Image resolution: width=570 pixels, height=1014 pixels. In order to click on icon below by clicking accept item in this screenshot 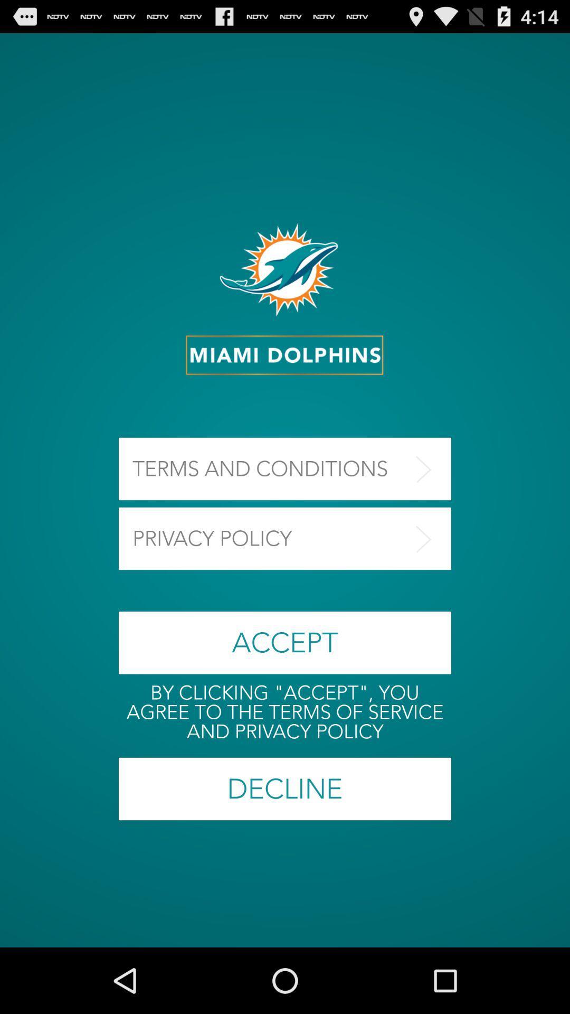, I will do `click(285, 788)`.